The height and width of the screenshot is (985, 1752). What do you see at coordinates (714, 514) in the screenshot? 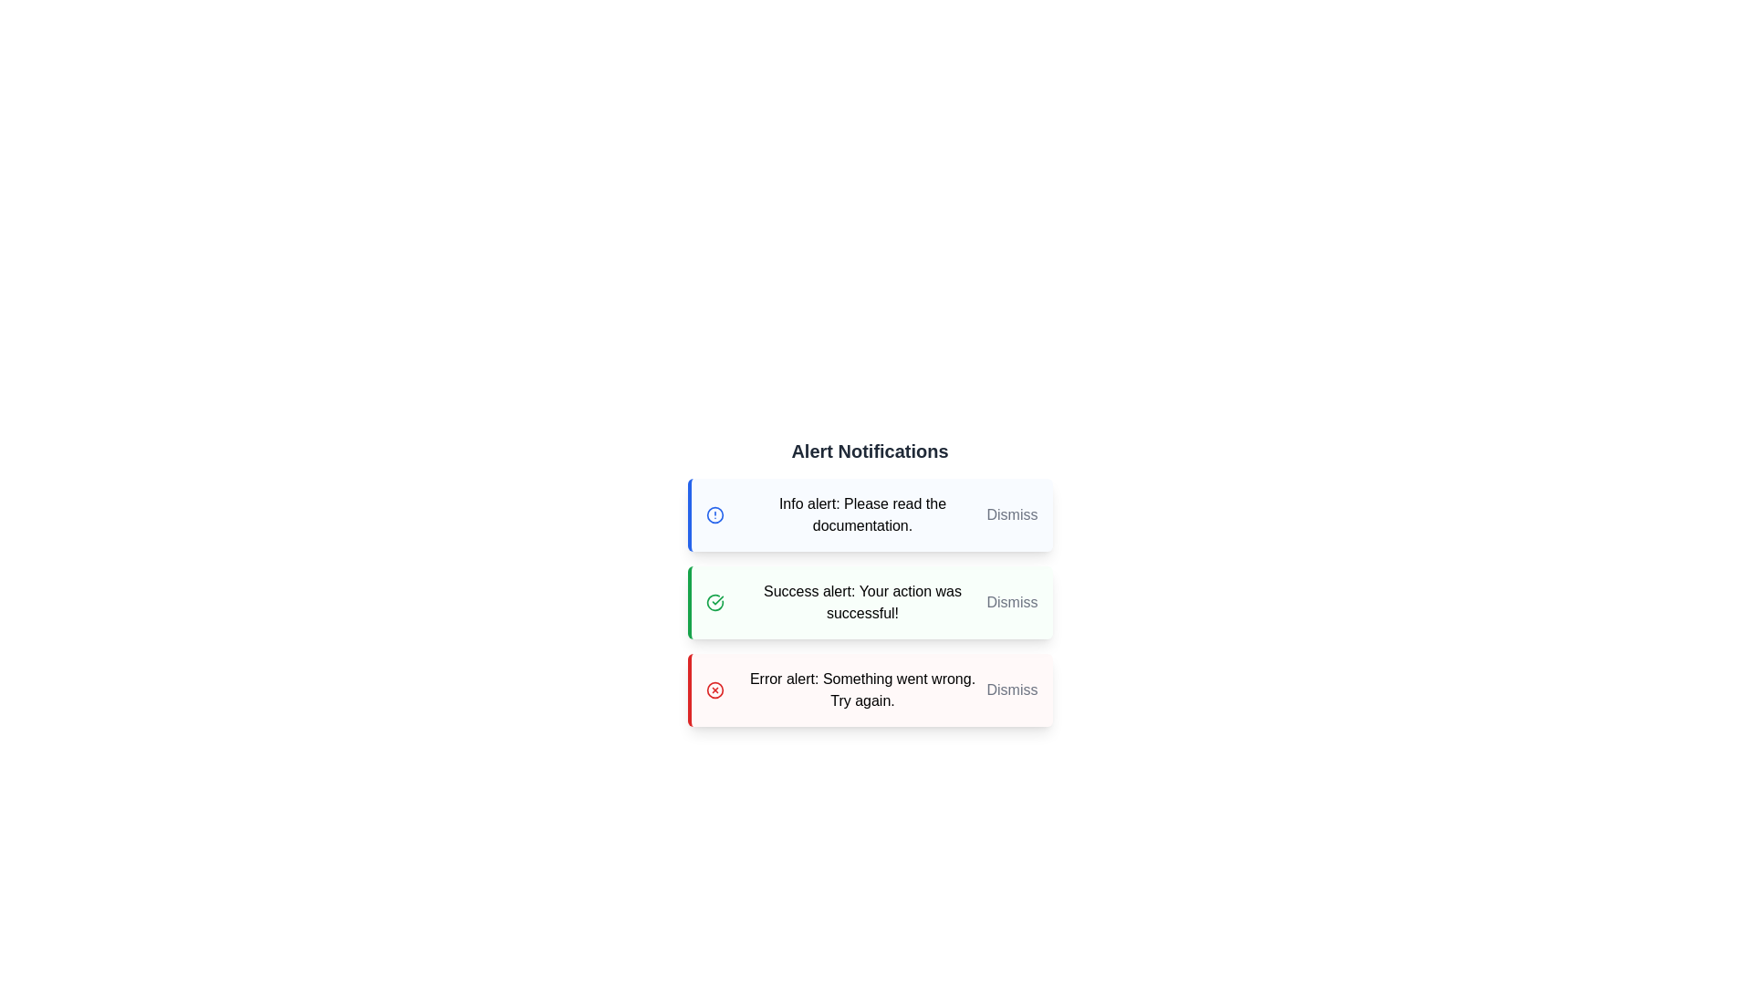
I see `the icon of the info alert to highlight it` at bounding box center [714, 514].